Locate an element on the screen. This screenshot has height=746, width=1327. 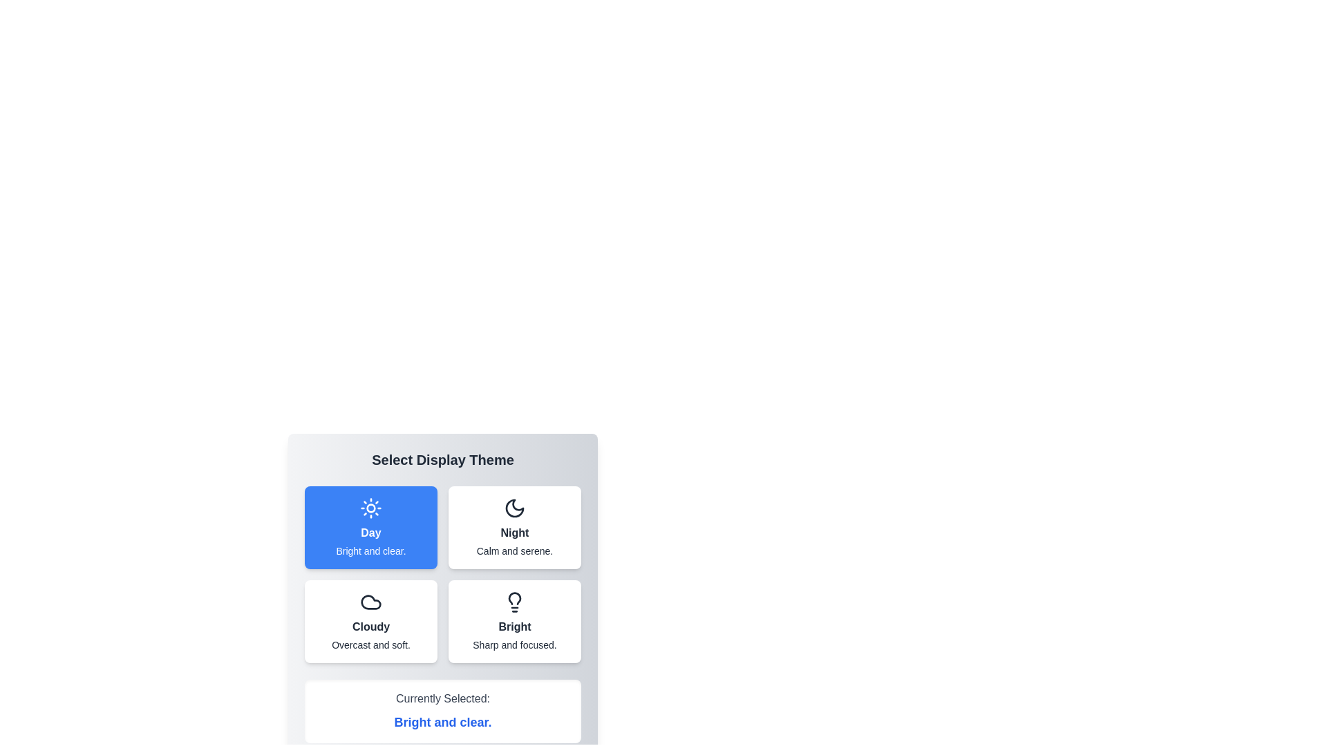
the button corresponding to the Day theme is located at coordinates (371, 527).